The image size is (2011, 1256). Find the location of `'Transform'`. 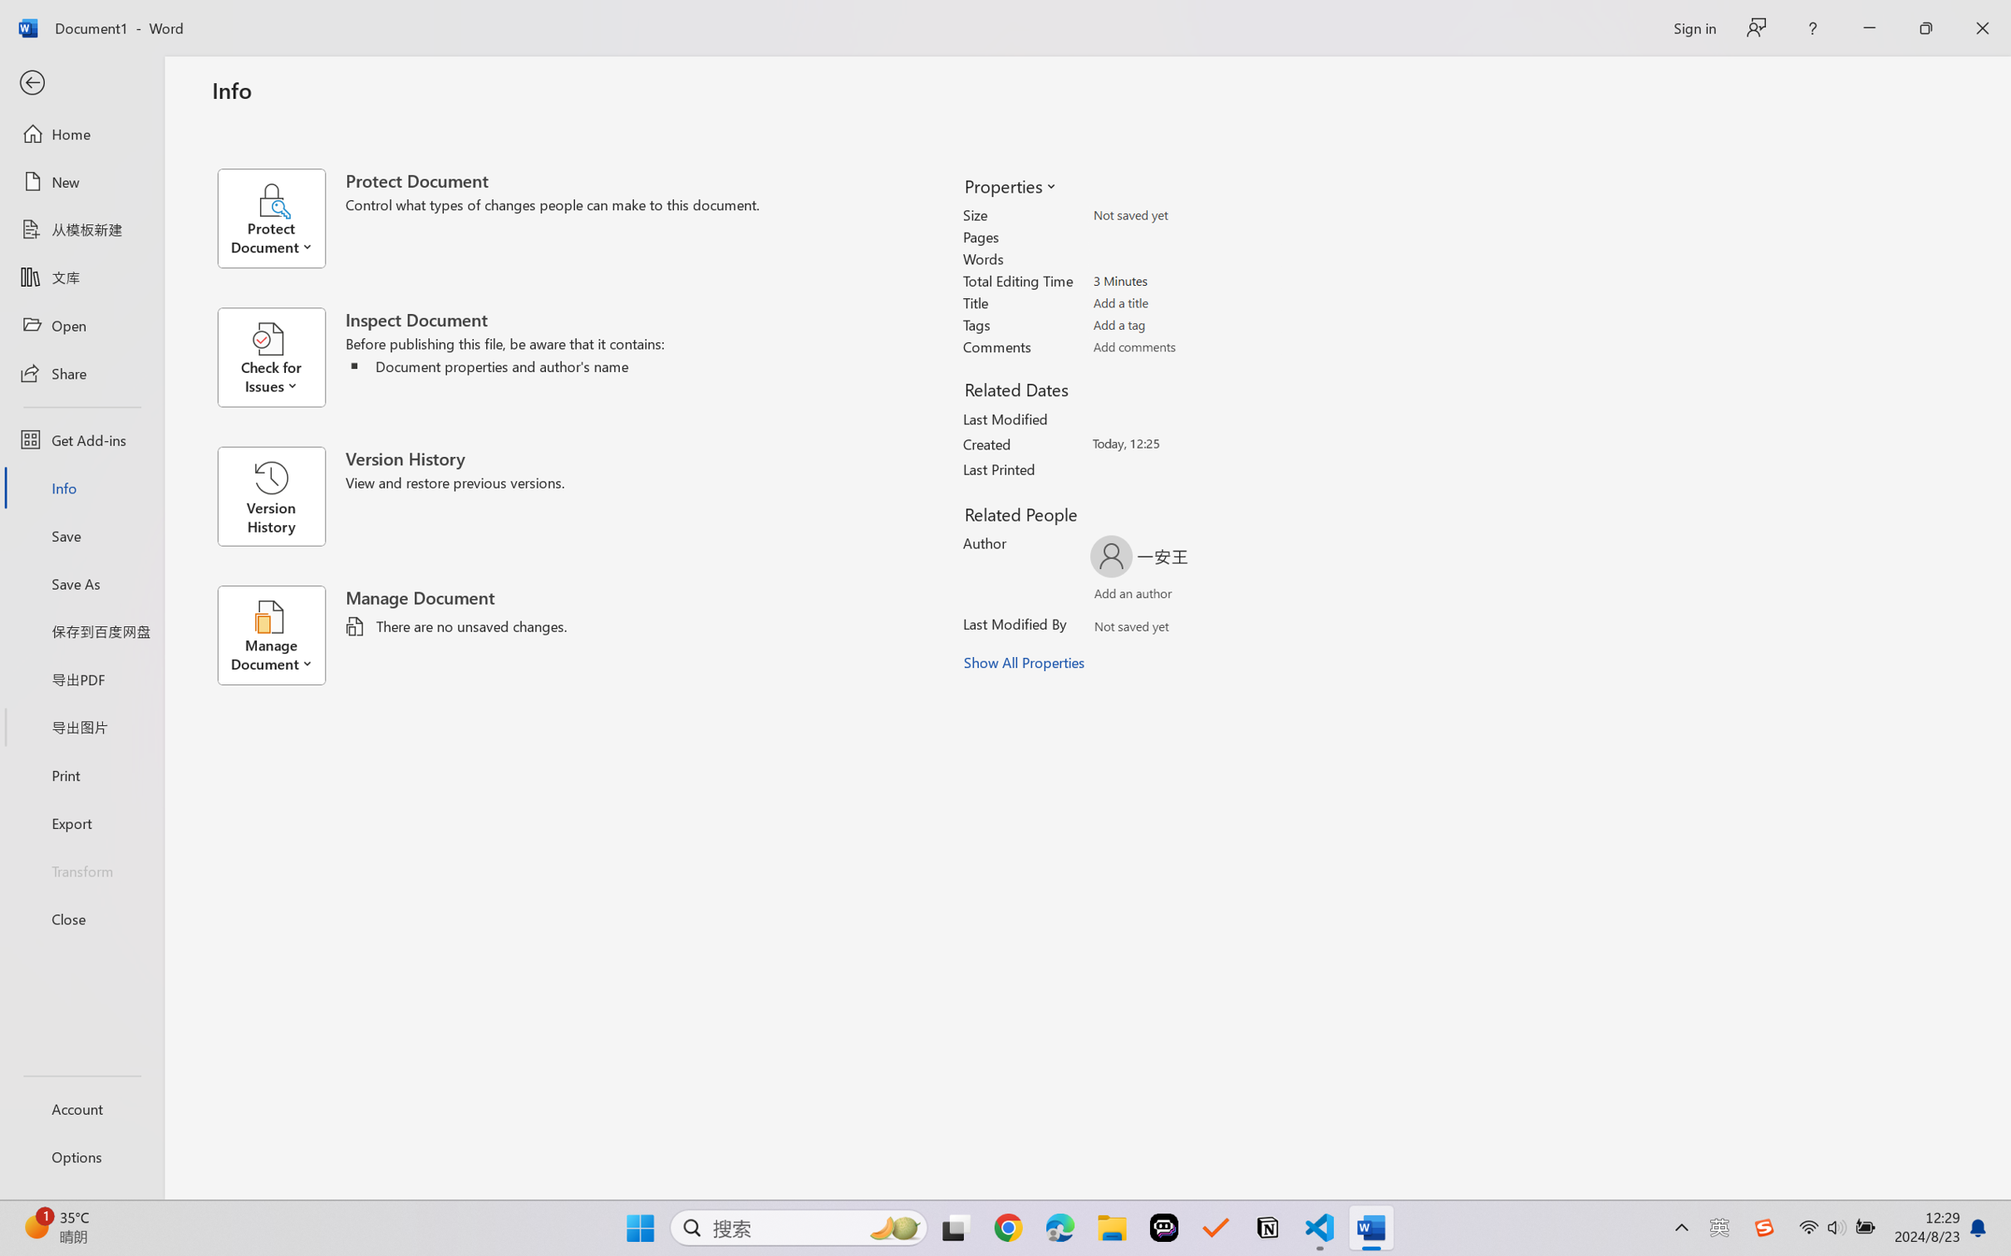

'Transform' is located at coordinates (81, 869).